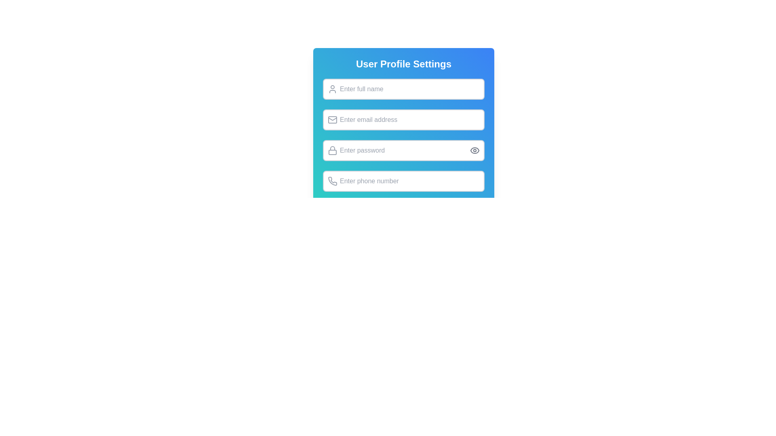  What do you see at coordinates (332, 180) in the screenshot?
I see `the phone number input icon located at the leftmost position in the User Profile Settings form, directly above the bottom border and aligned with the placeholder text` at bounding box center [332, 180].